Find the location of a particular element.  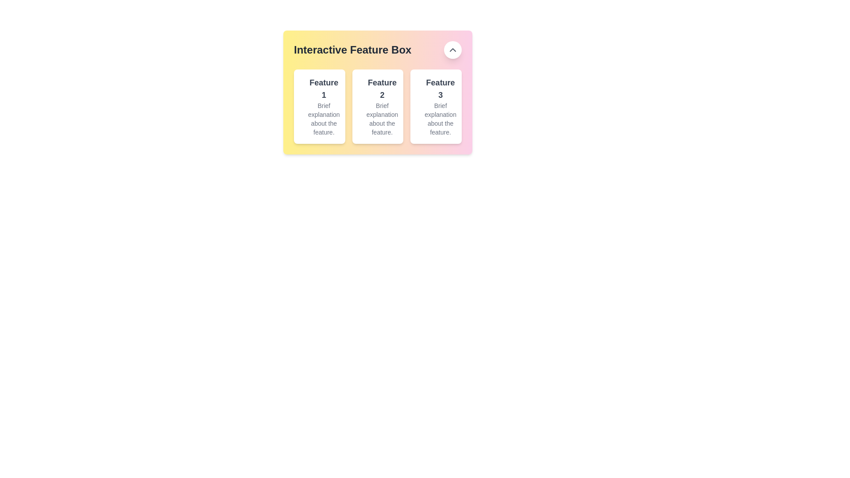

the card titled 'Feature 2' which is the second card in the 'Interactive Feature Box' containing a bold title and description is located at coordinates (378, 92).